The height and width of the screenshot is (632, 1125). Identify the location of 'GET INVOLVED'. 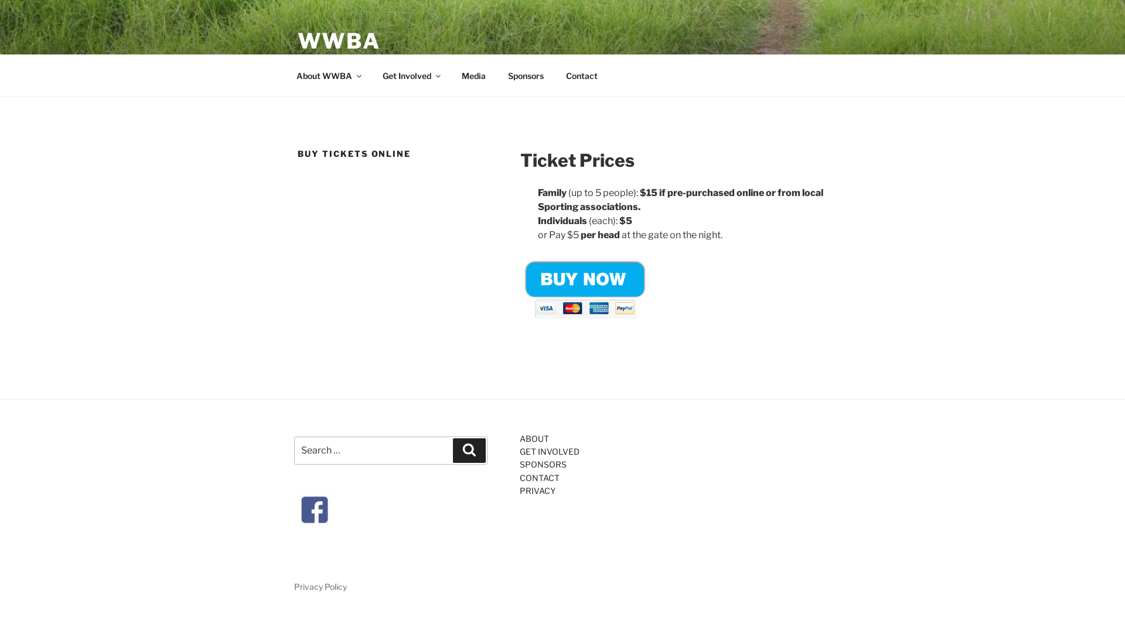
(519, 451).